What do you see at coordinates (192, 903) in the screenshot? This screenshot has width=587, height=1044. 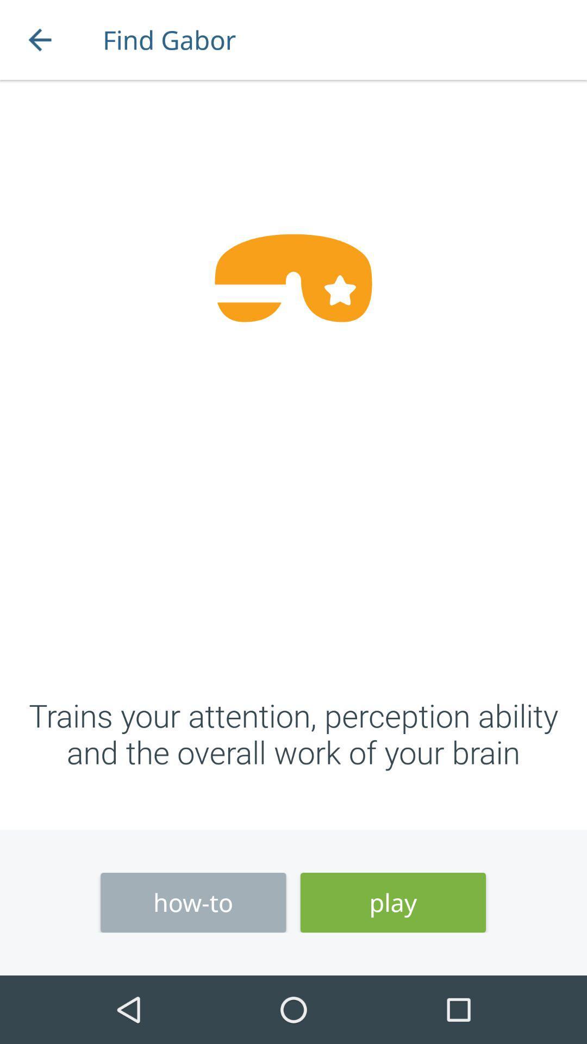 I see `the how-to item` at bounding box center [192, 903].